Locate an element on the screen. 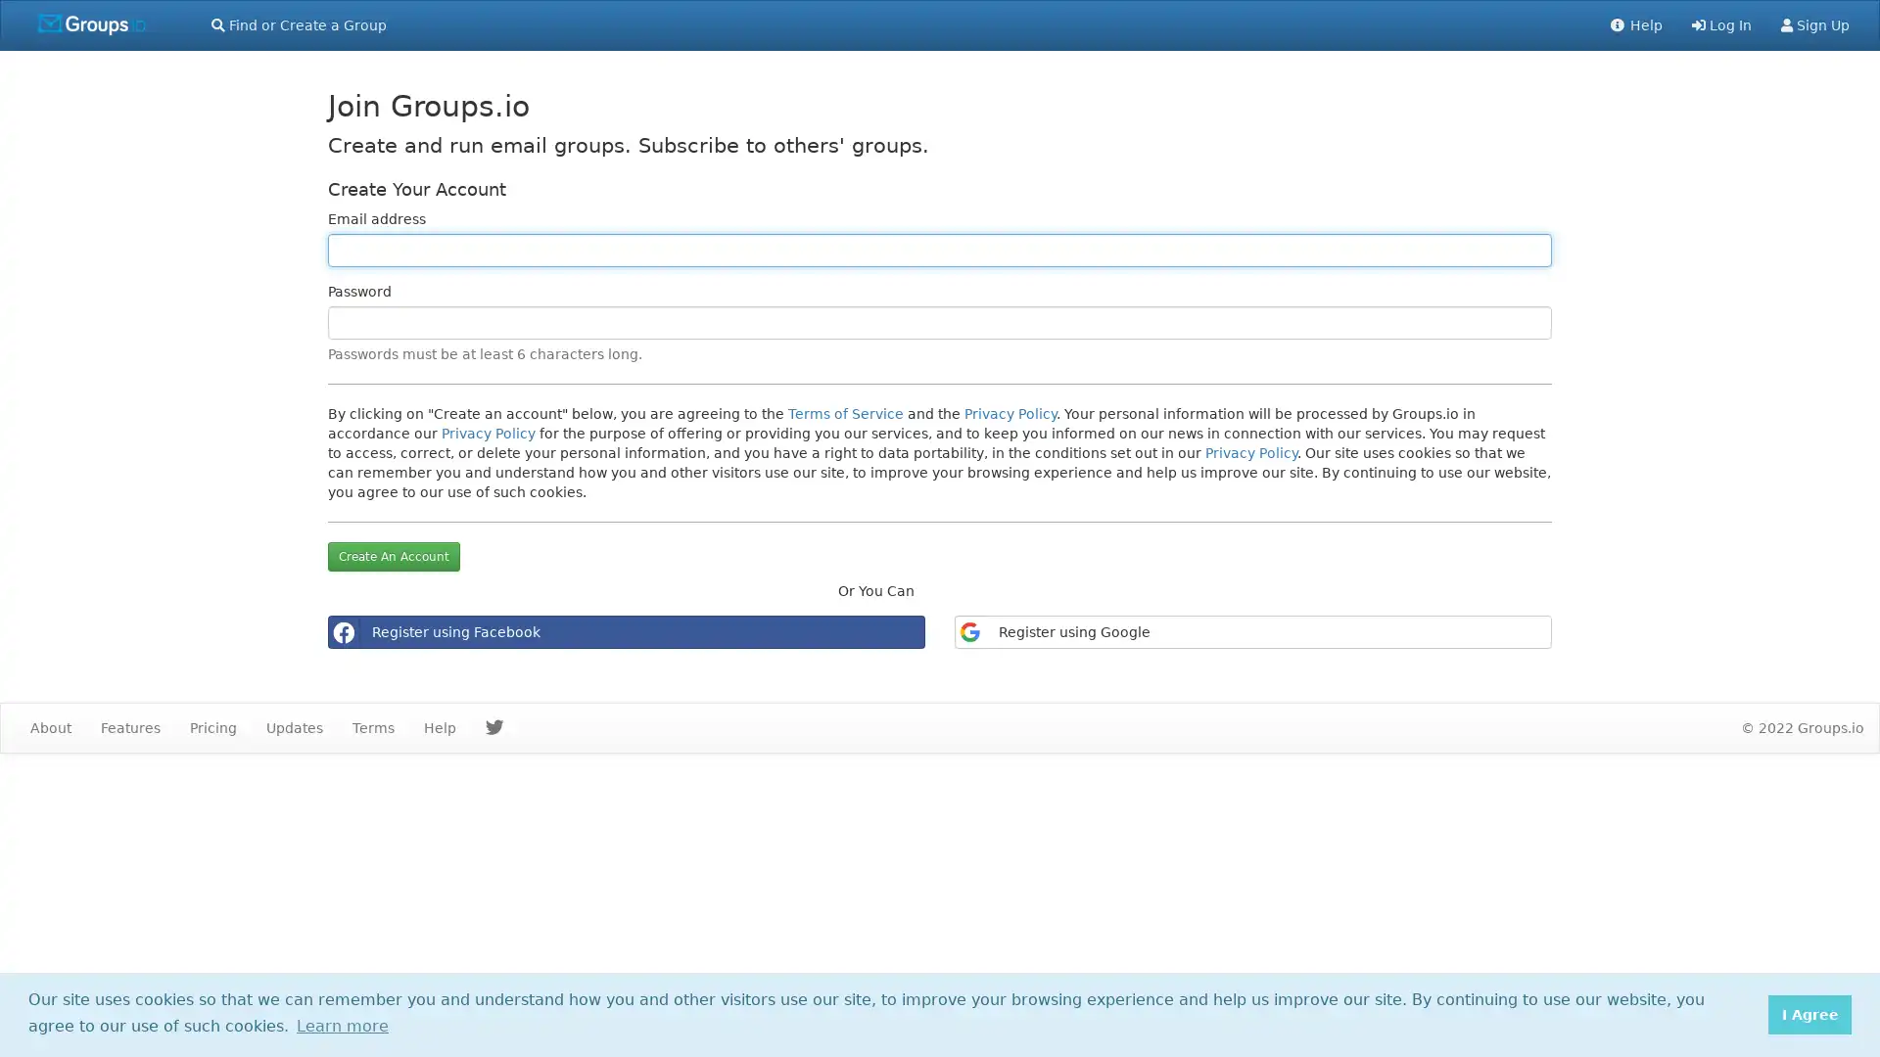  learn more about cookies is located at coordinates (342, 1025).